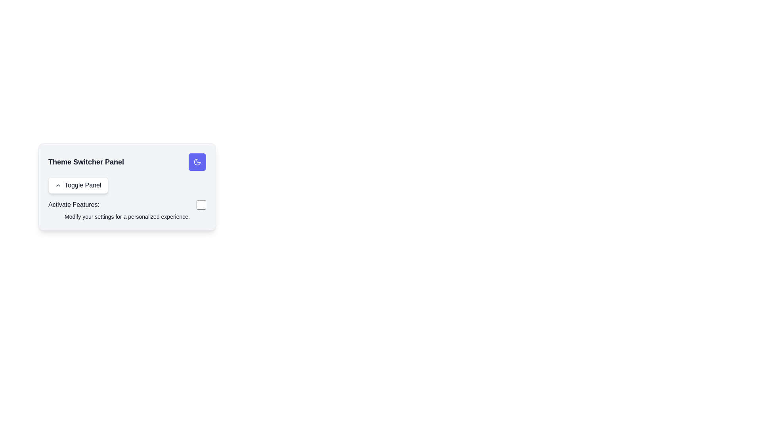 The height and width of the screenshot is (428, 761). What do you see at coordinates (127, 217) in the screenshot?
I see `the text label that reads 'Modify your settings for a personalized experience.' positioned below the 'Activate Features:' label in the settings panel` at bounding box center [127, 217].